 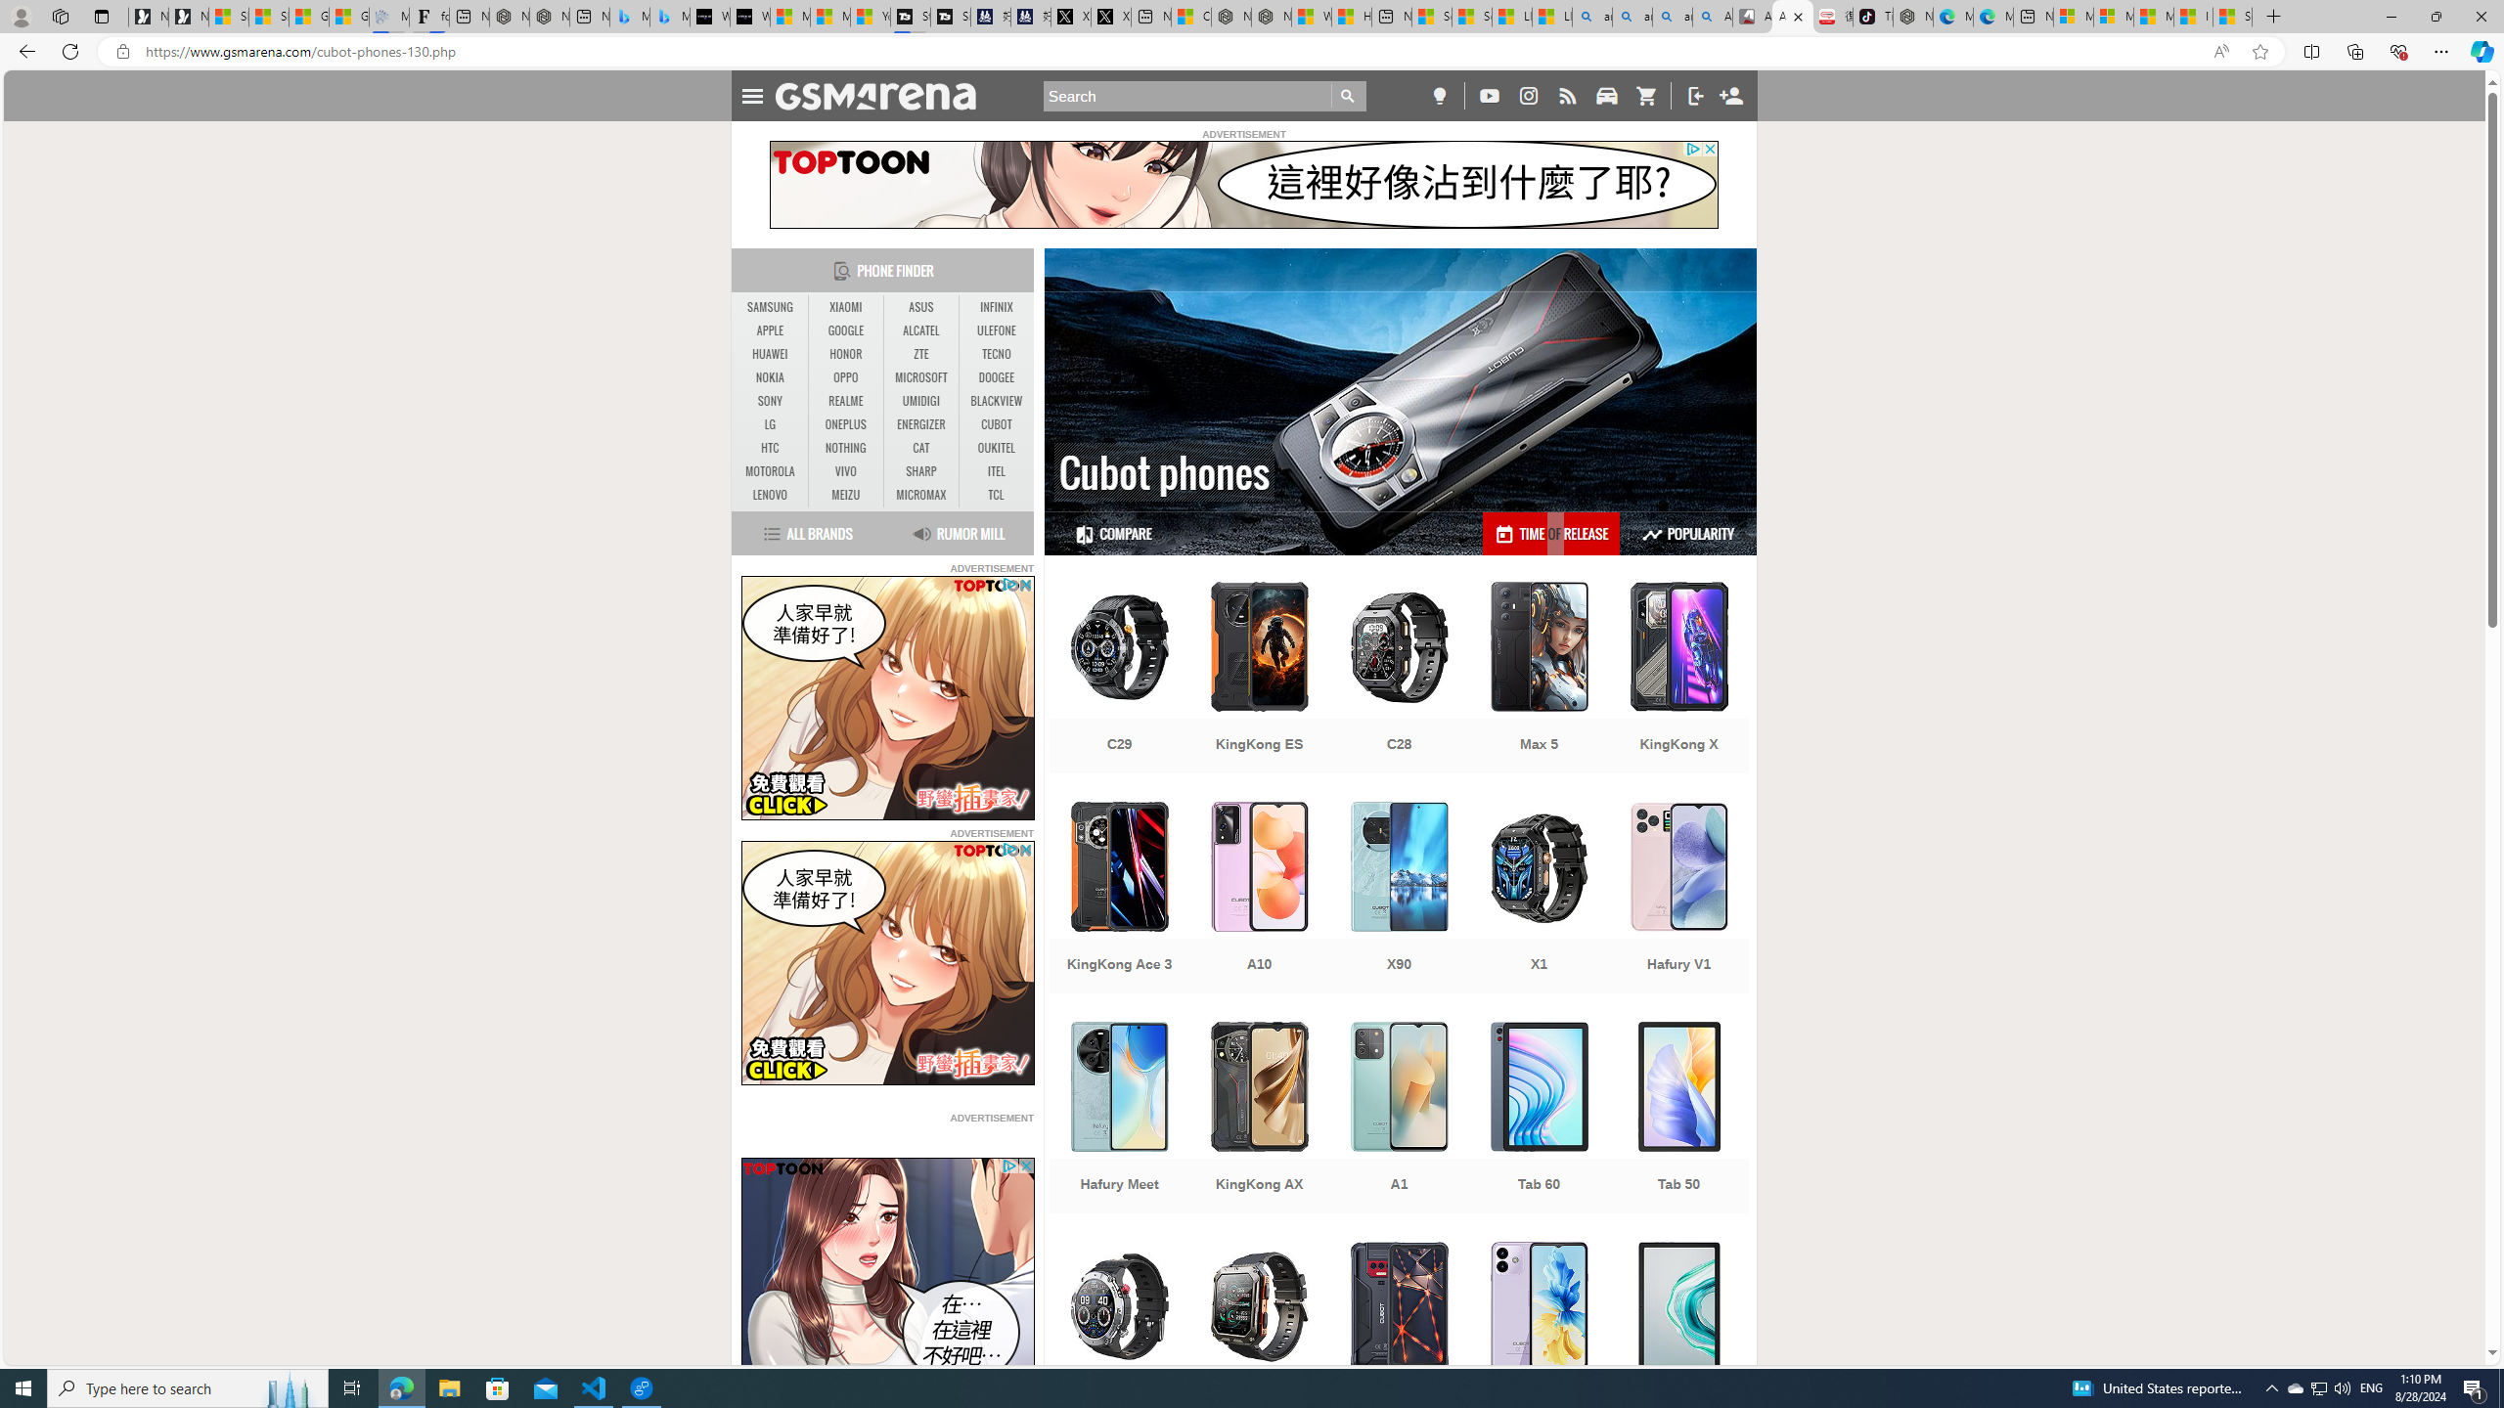 I want to click on 'OPPO', so click(x=845, y=377).